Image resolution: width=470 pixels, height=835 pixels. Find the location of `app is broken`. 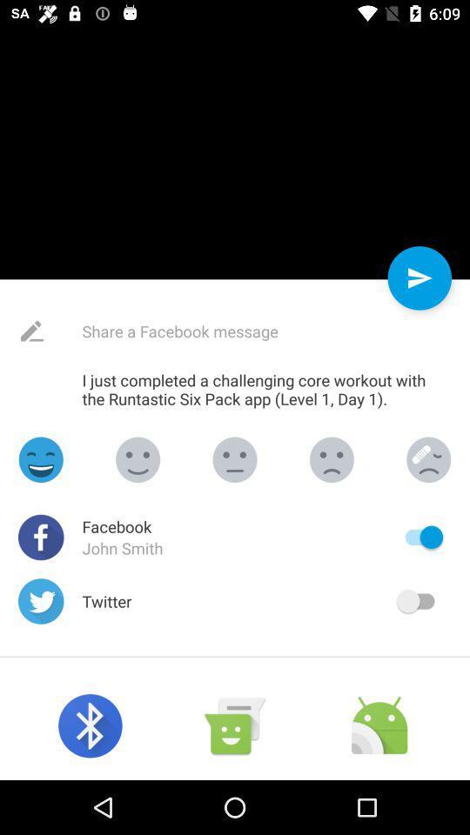

app is broken is located at coordinates (427, 458).